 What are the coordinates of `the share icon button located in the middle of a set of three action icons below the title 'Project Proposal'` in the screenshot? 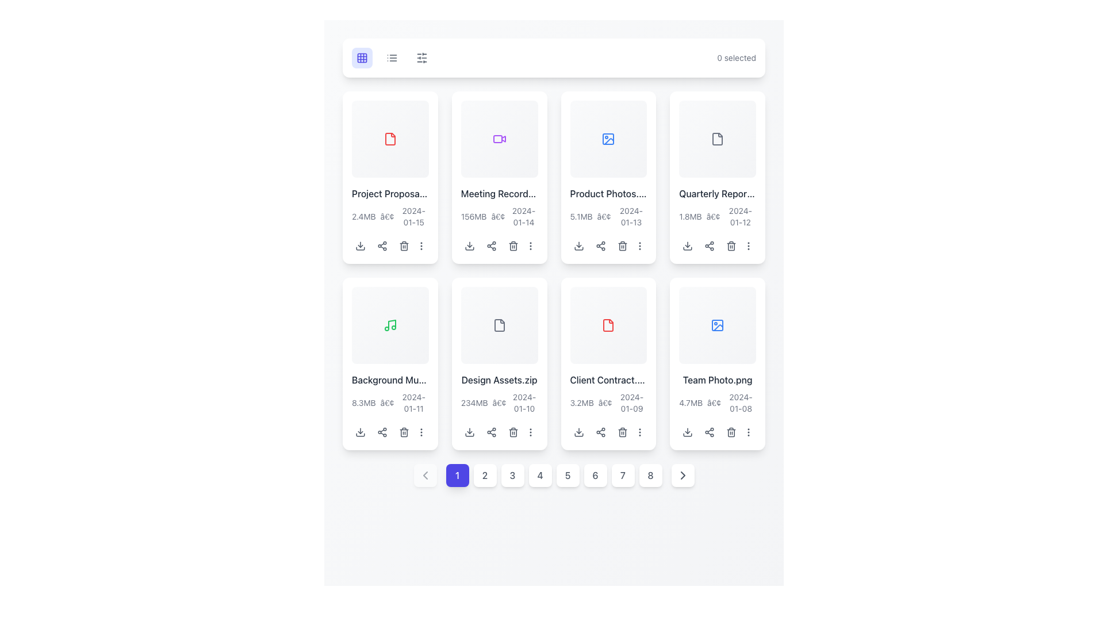 It's located at (382, 245).